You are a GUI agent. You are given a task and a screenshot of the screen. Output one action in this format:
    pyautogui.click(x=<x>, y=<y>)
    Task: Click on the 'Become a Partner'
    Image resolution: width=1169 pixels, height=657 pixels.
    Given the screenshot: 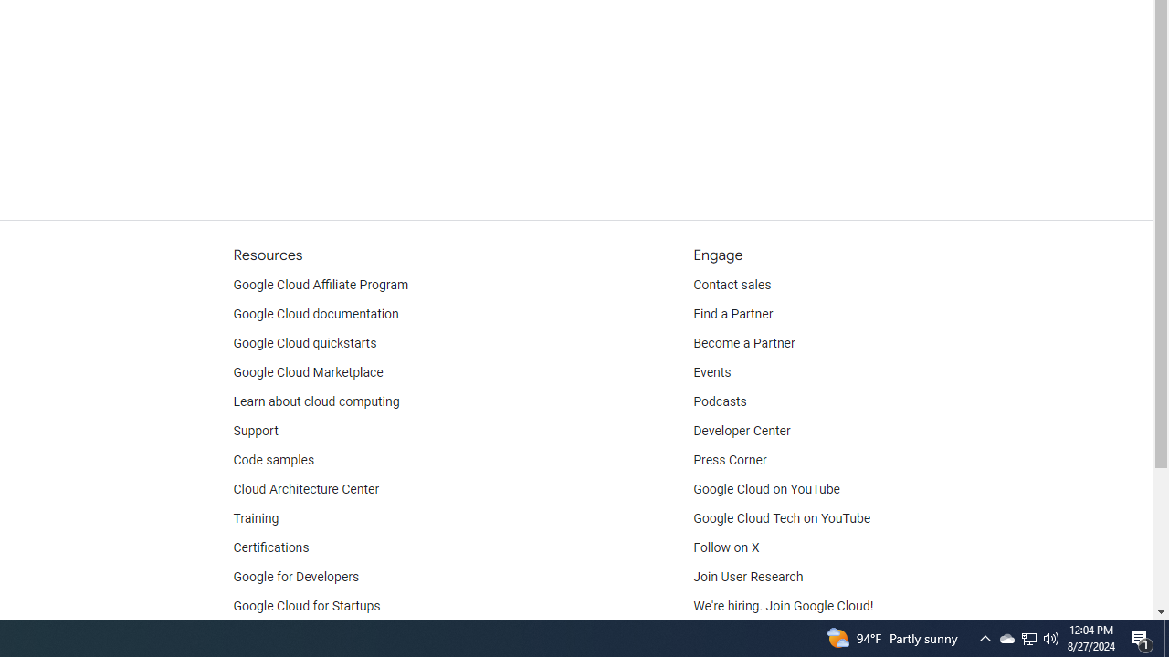 What is the action you would take?
    pyautogui.click(x=743, y=343)
    